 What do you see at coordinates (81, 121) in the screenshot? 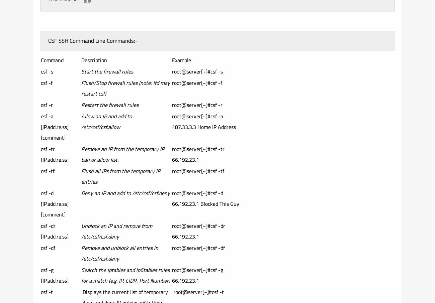
I see `'Allow an IP and add to /etc/csf/csf.allow'` at bounding box center [81, 121].